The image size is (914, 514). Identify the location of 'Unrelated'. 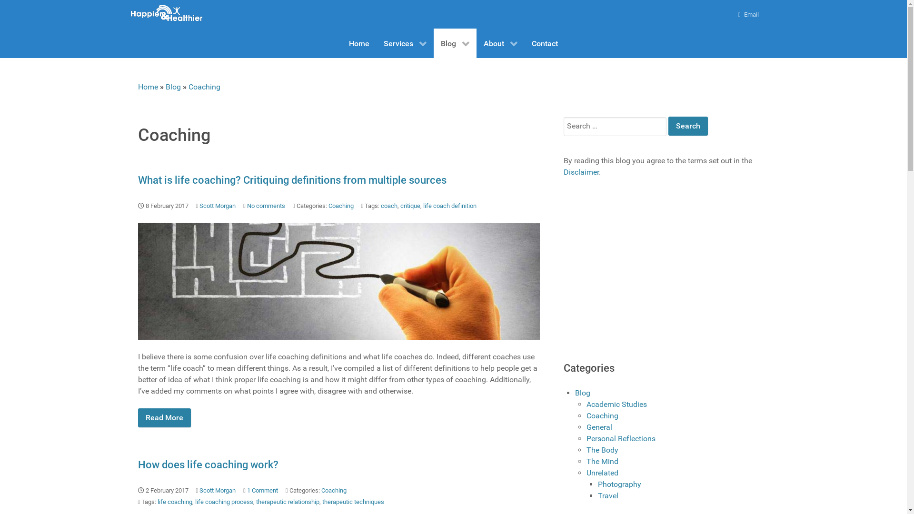
(602, 473).